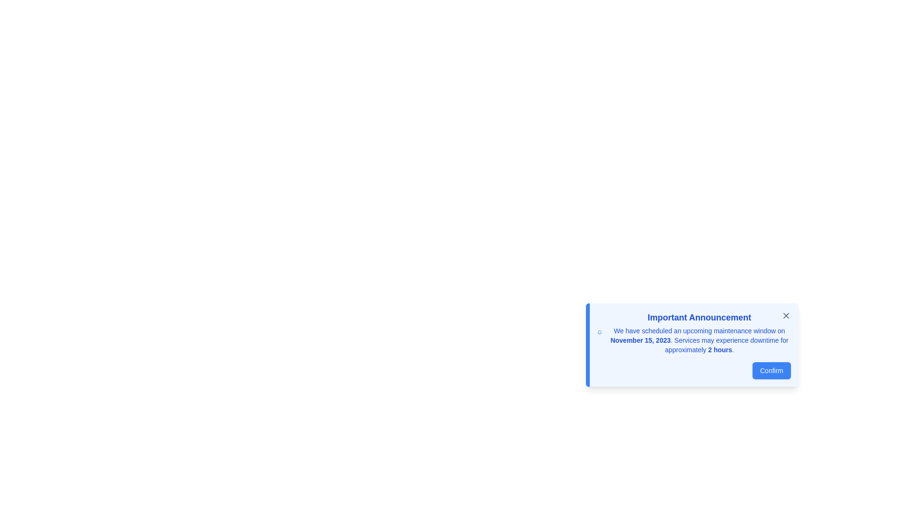 The width and height of the screenshot is (911, 512). What do you see at coordinates (786, 316) in the screenshot?
I see `the Close icon in the form of an 'X' located in the upper-right corner of the notification card titled 'Important Announcement'` at bounding box center [786, 316].